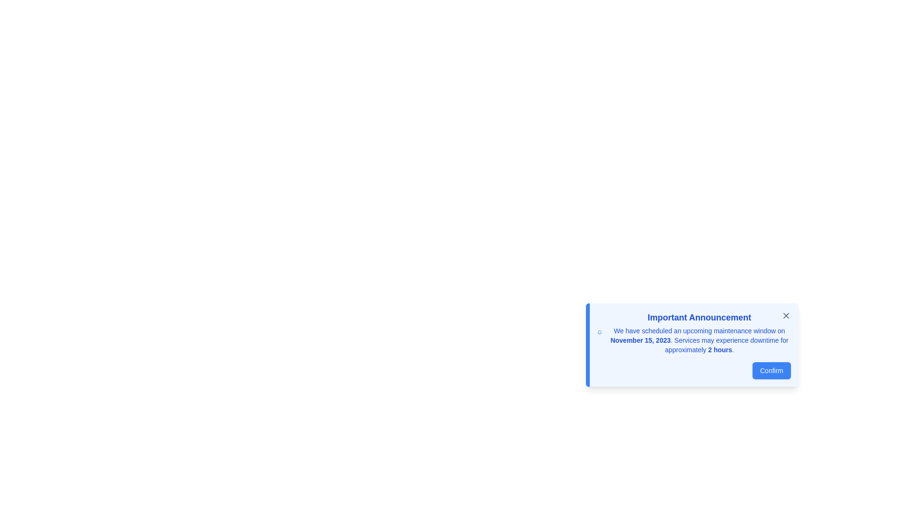 The width and height of the screenshot is (911, 512). What do you see at coordinates (786, 316) in the screenshot?
I see `the Close icon in the form of an 'X' located in the upper-right corner of the notification card titled 'Important Announcement'` at bounding box center [786, 316].